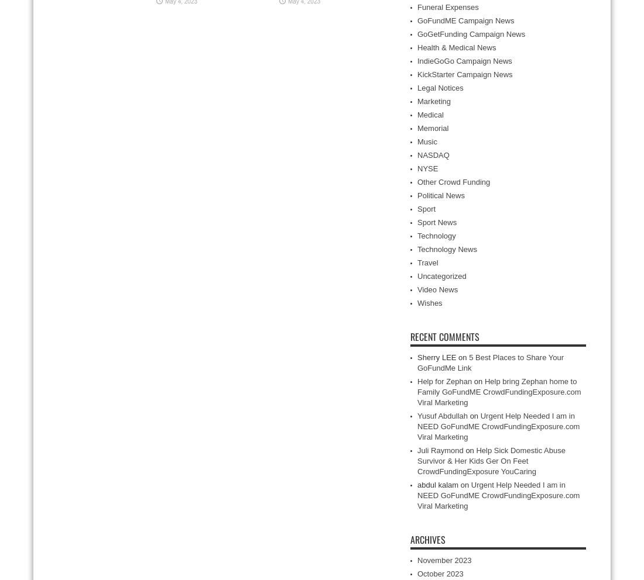  Describe the element at coordinates (490, 461) in the screenshot. I see `'Help Sick Domestic Abuse Survivor & Her Kids Ger On Feet CrowdFundingExposure YouCaring'` at that location.